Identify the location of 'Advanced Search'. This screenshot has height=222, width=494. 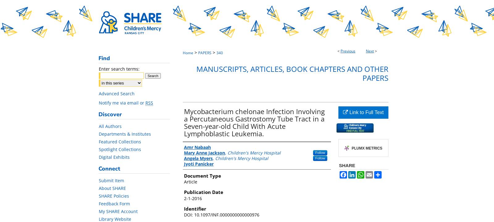
(99, 93).